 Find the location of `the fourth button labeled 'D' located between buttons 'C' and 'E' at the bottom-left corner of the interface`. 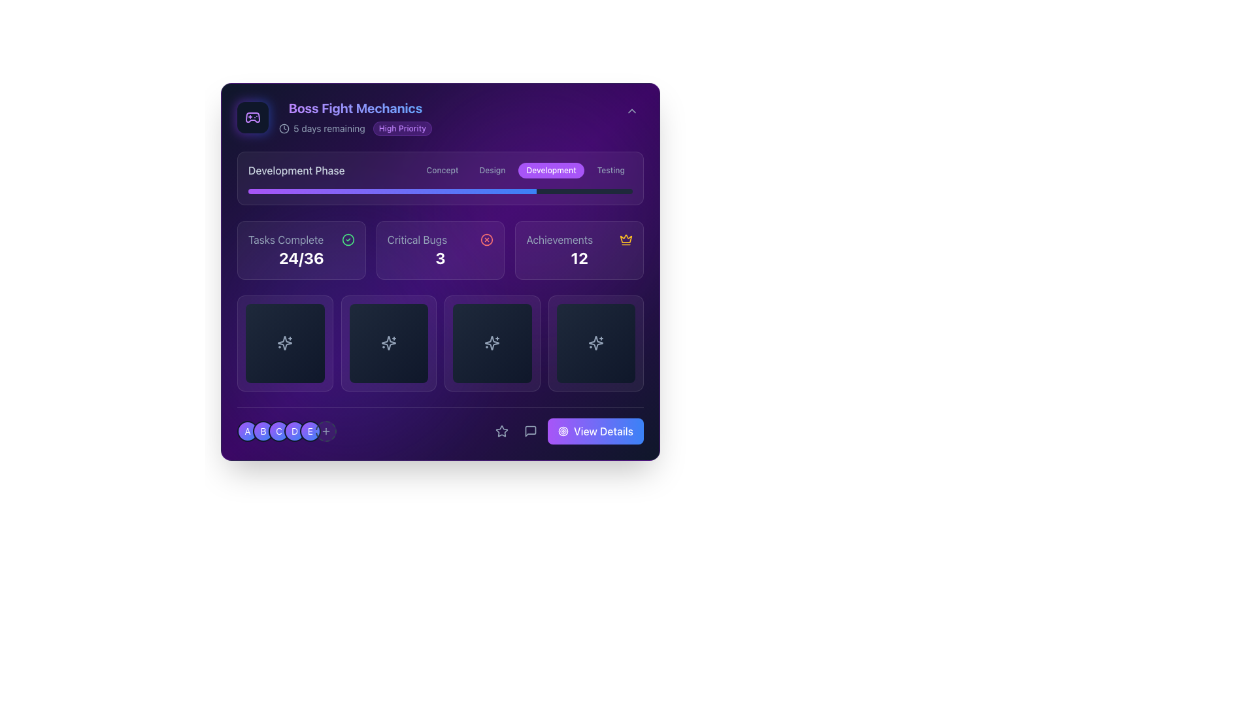

the fourth button labeled 'D' located between buttons 'C' and 'E' at the bottom-left corner of the interface is located at coordinates (294, 431).